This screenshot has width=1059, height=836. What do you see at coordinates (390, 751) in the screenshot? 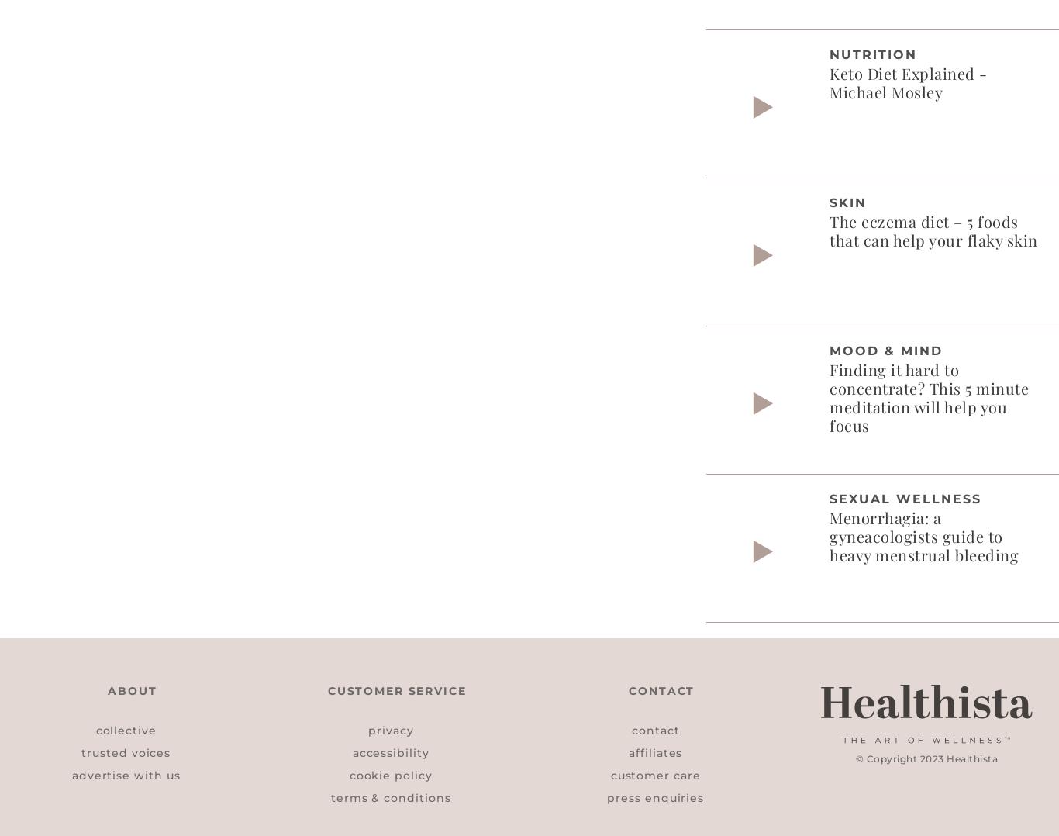
I see `'accessibility'` at bounding box center [390, 751].